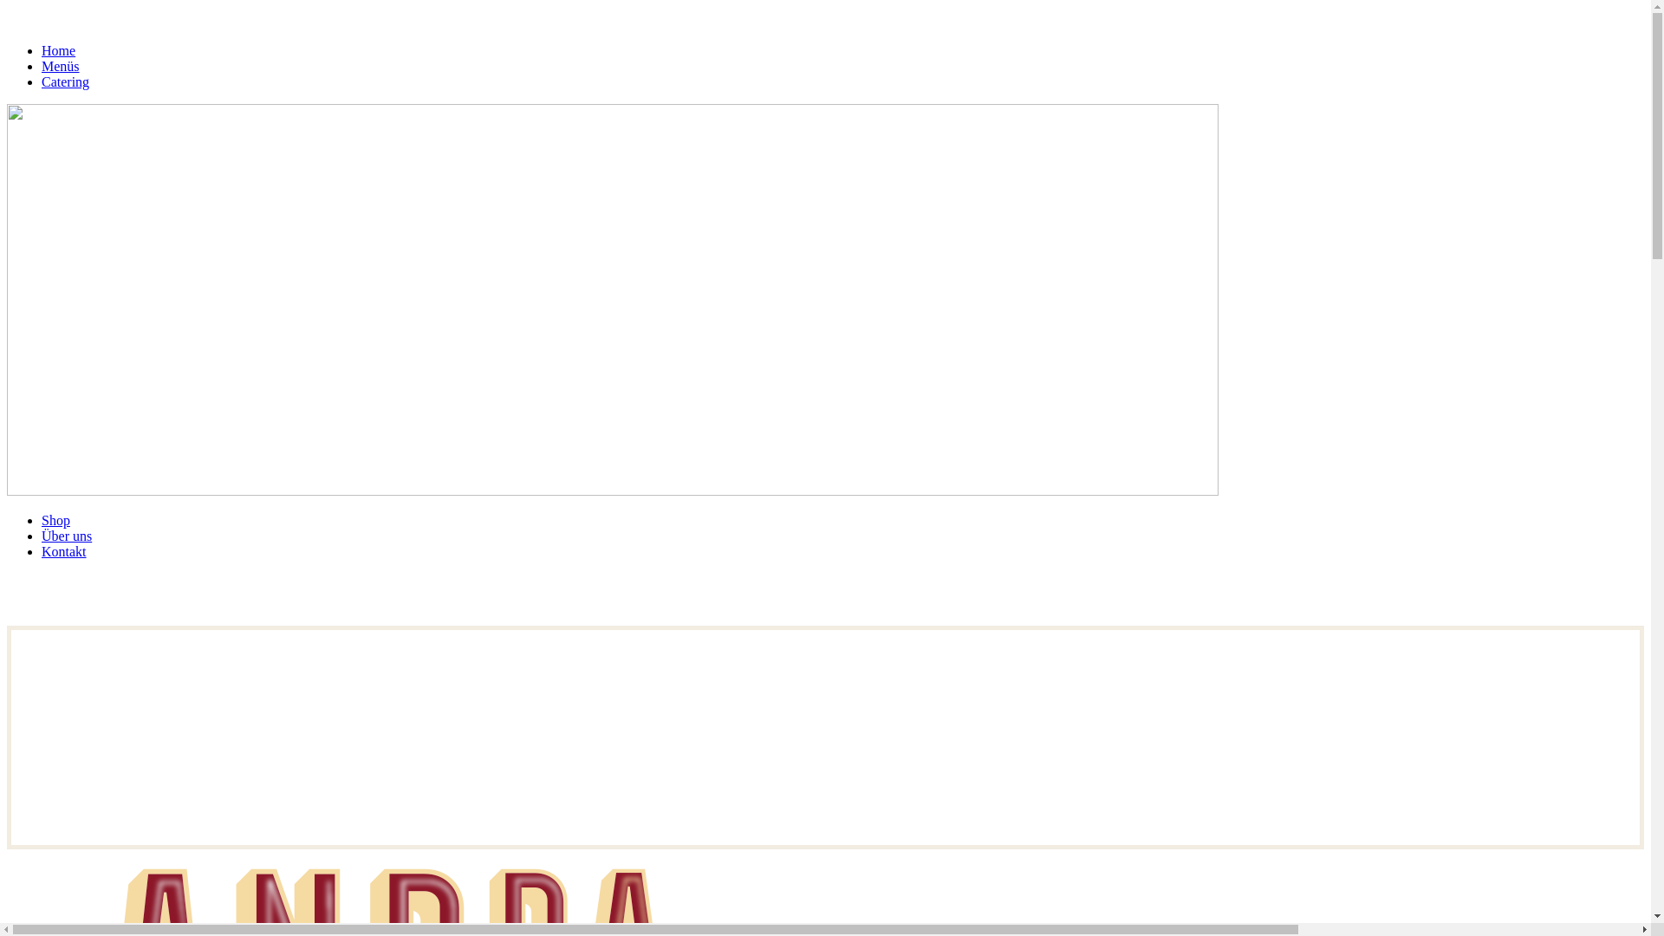  Describe the element at coordinates (42, 519) in the screenshot. I see `'Shop'` at that location.